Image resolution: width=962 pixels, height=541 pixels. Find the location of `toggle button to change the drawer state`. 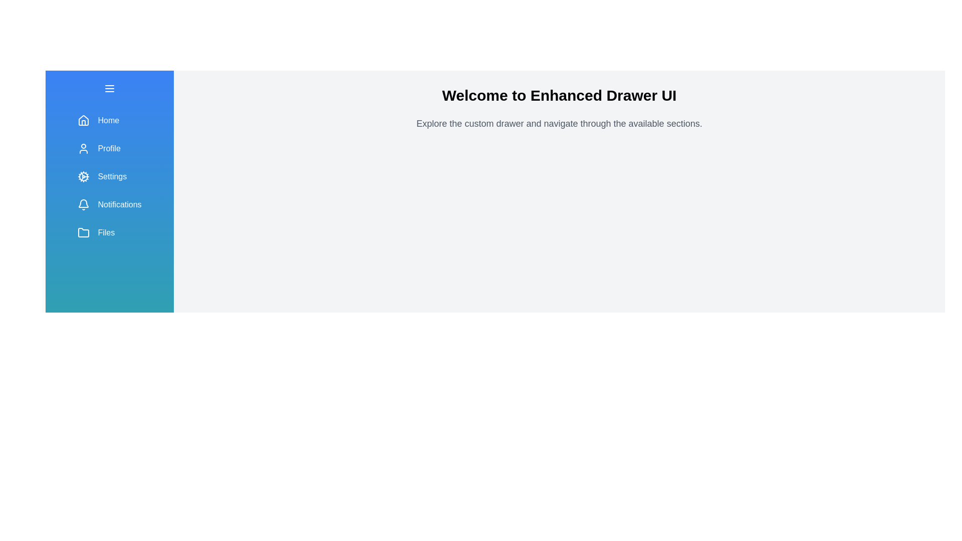

toggle button to change the drawer state is located at coordinates (110, 88).